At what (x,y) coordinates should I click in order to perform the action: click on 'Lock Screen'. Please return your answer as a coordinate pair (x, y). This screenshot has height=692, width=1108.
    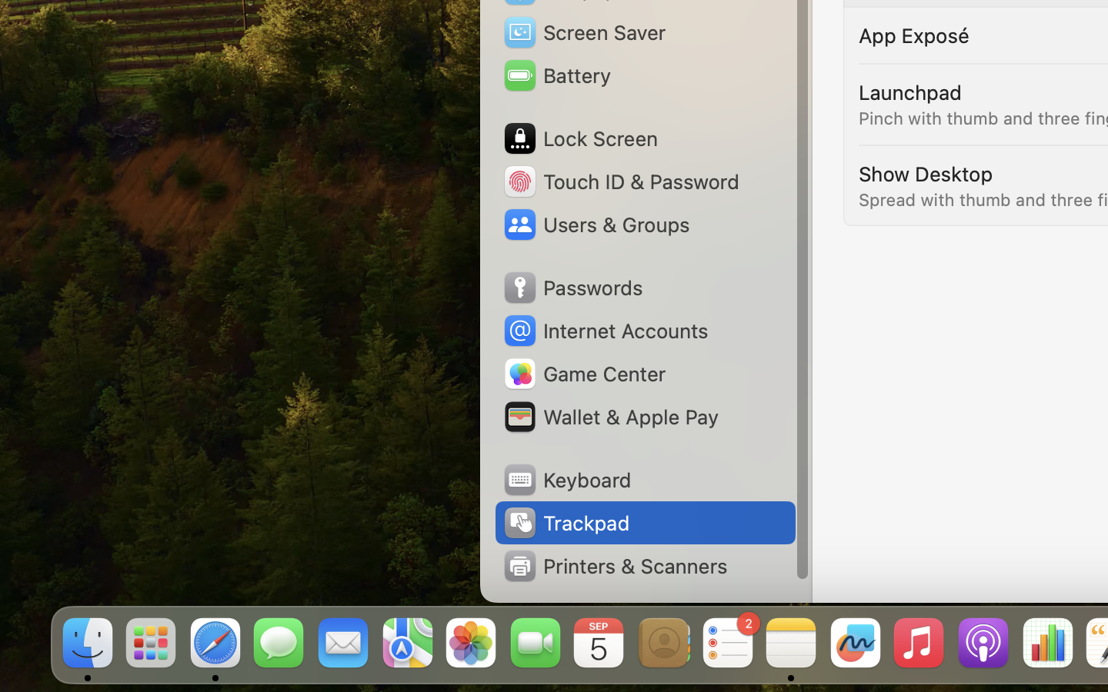
    Looking at the image, I should click on (579, 138).